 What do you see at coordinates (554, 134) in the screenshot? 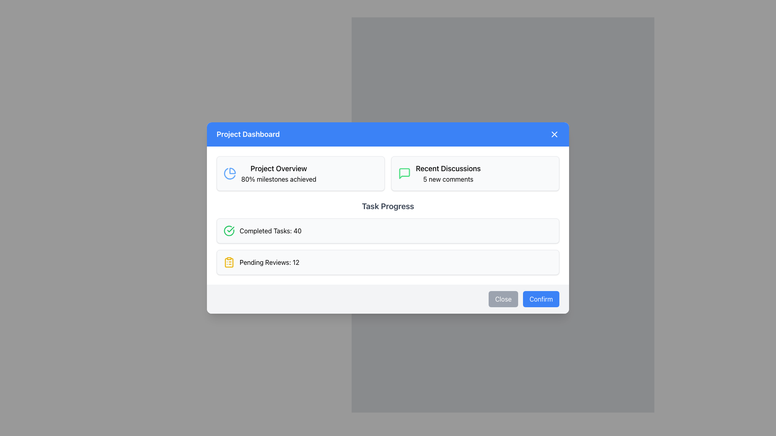
I see `the close icon button located at the top-right corner of the 'Project Dashboard' dialog box` at bounding box center [554, 134].